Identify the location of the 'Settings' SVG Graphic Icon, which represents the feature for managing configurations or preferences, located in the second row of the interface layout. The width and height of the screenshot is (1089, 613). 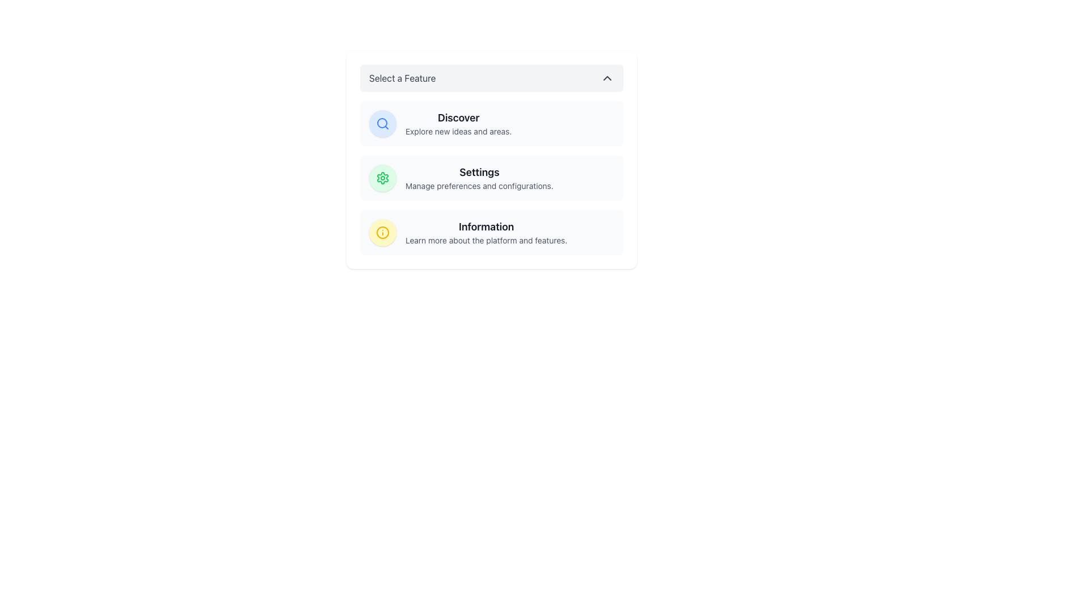
(383, 178).